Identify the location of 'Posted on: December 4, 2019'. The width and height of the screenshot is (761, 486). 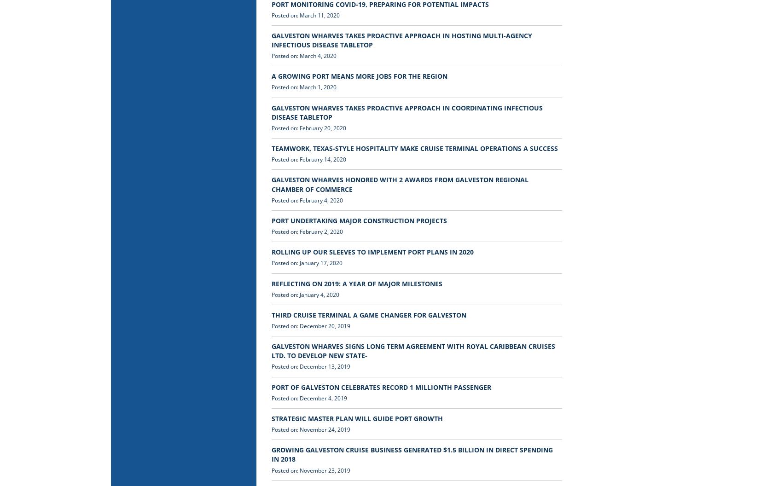
(308, 397).